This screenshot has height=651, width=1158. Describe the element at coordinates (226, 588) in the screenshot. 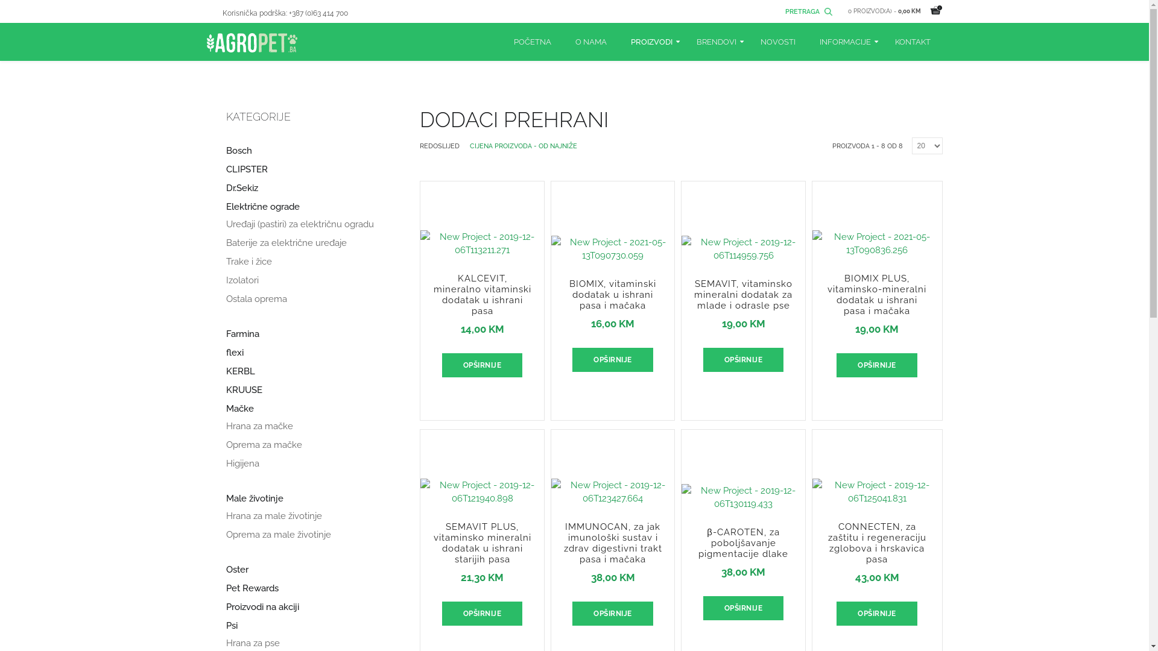

I see `'Pet Rewards'` at that location.